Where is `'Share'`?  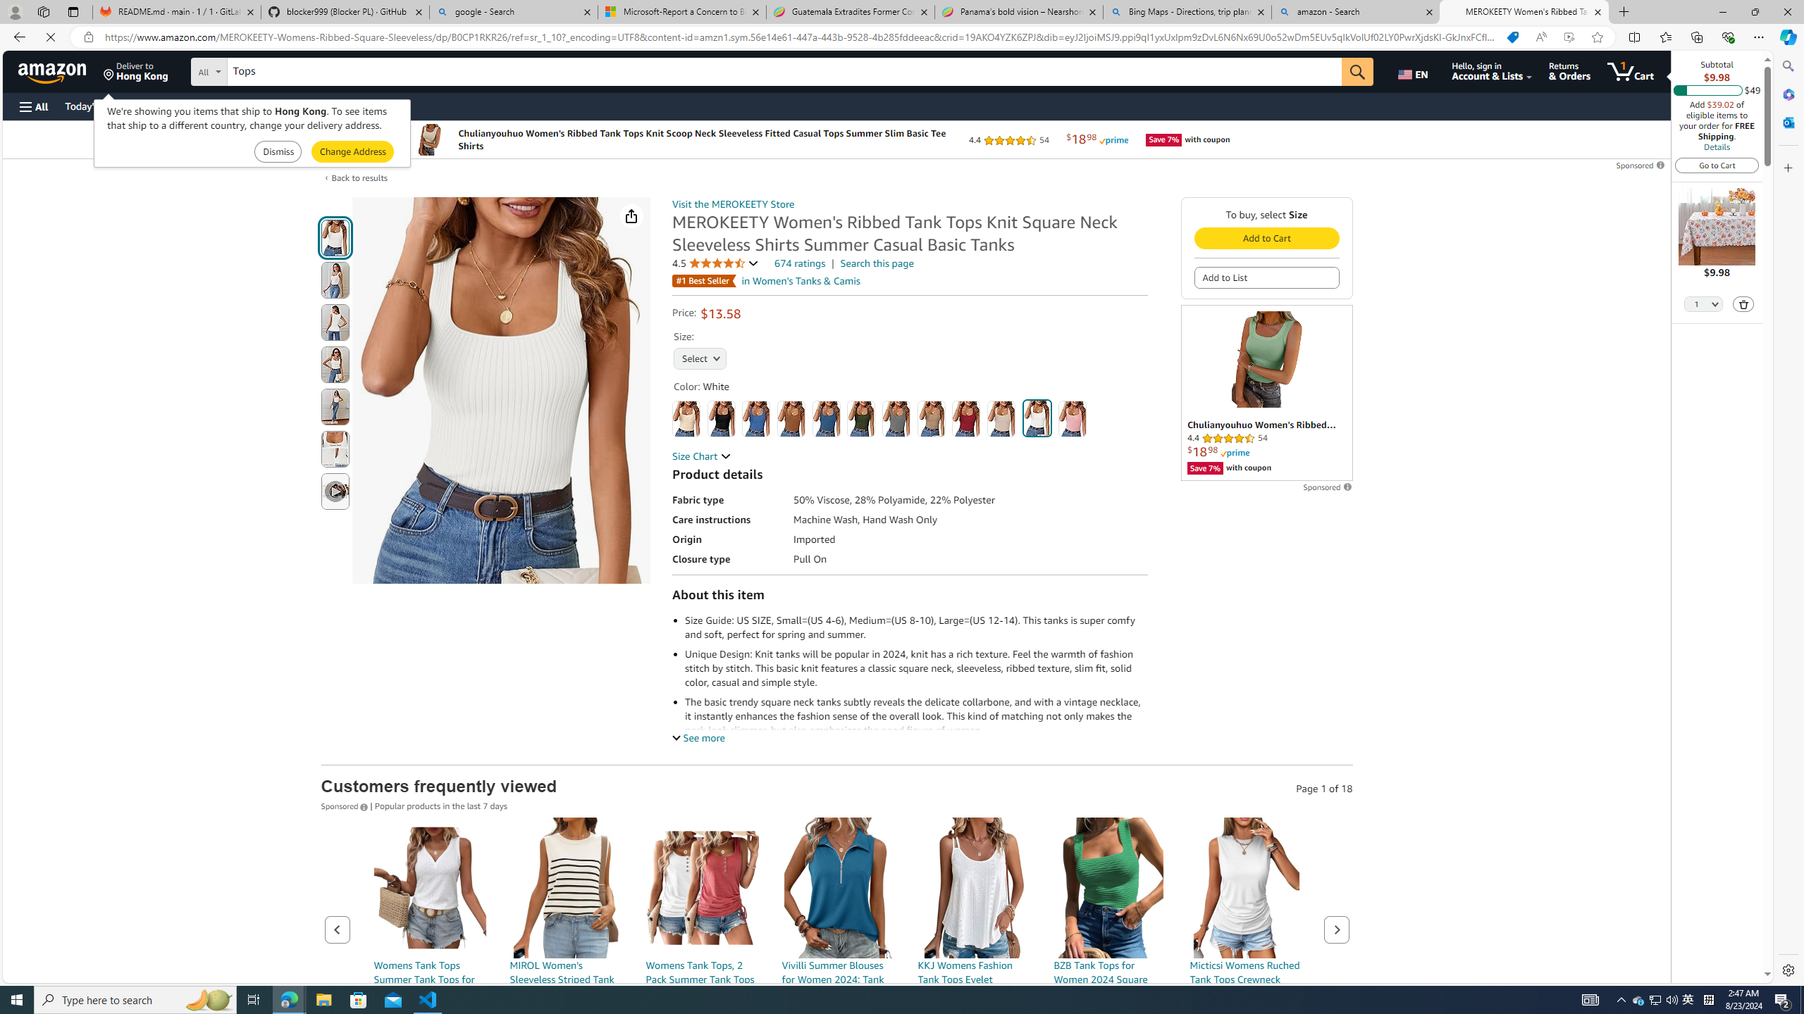 'Share' is located at coordinates (631, 215).